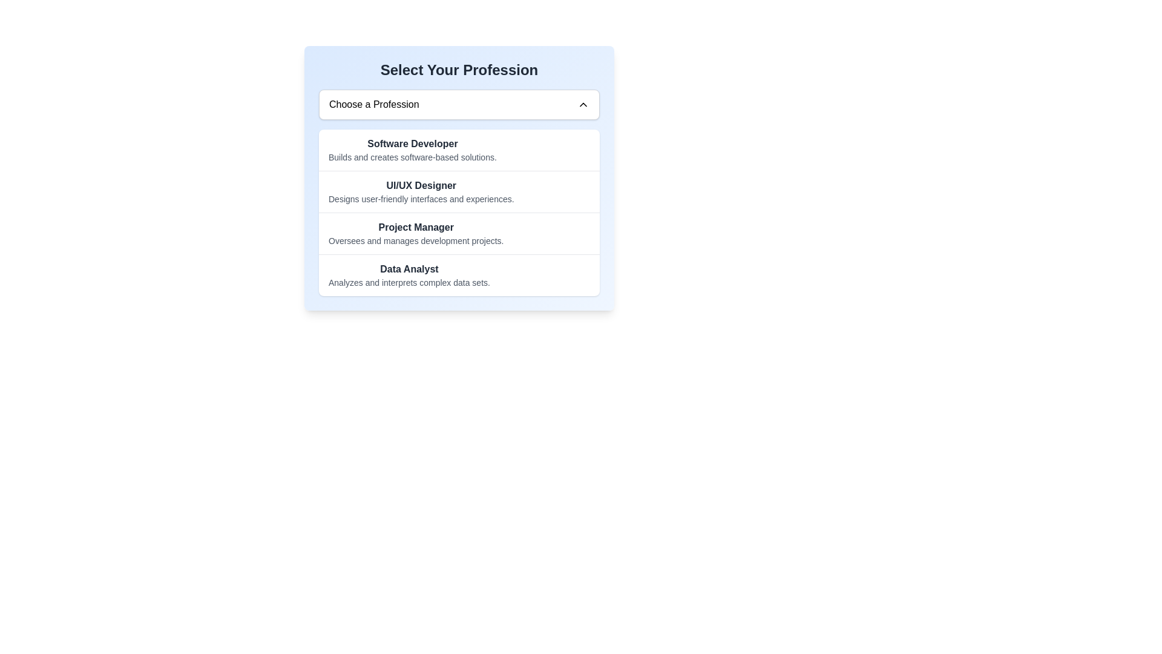 The height and width of the screenshot is (654, 1162). I want to click on the second item in the list of selectable professions, so click(458, 177).